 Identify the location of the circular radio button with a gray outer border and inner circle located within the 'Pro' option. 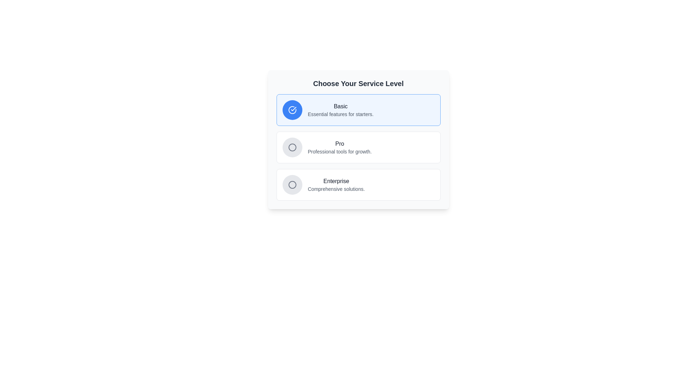
(292, 147).